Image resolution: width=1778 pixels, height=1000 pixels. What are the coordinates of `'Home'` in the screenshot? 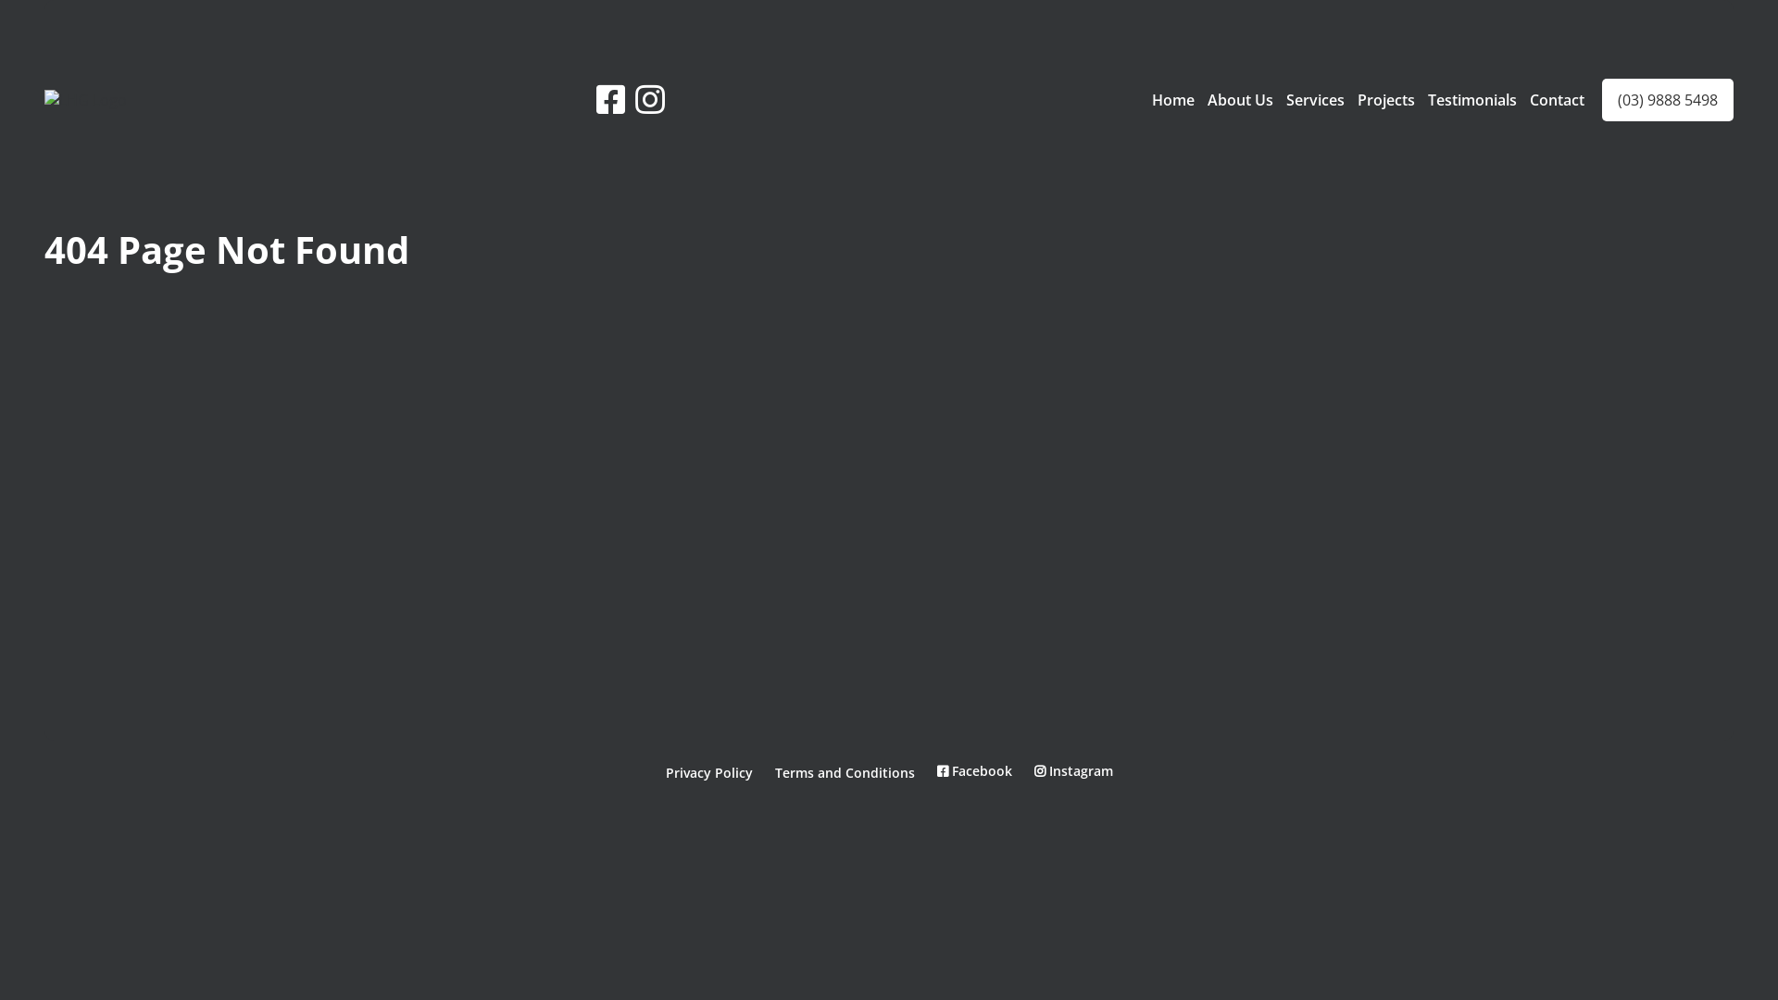 It's located at (1172, 99).